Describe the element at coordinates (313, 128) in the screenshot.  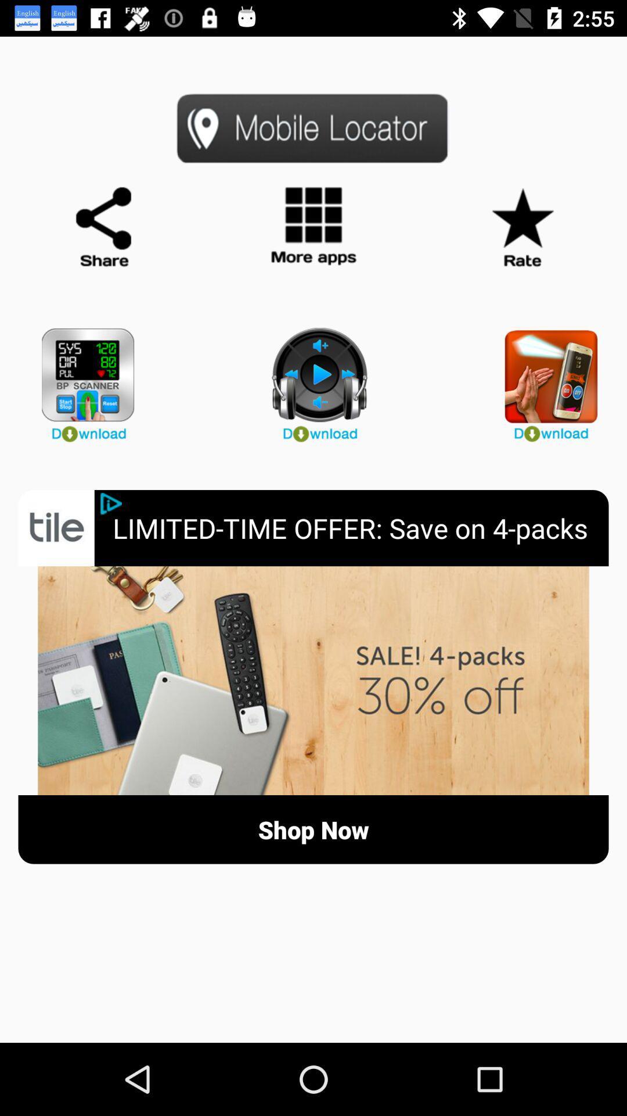
I see `turn mobile location on` at that location.